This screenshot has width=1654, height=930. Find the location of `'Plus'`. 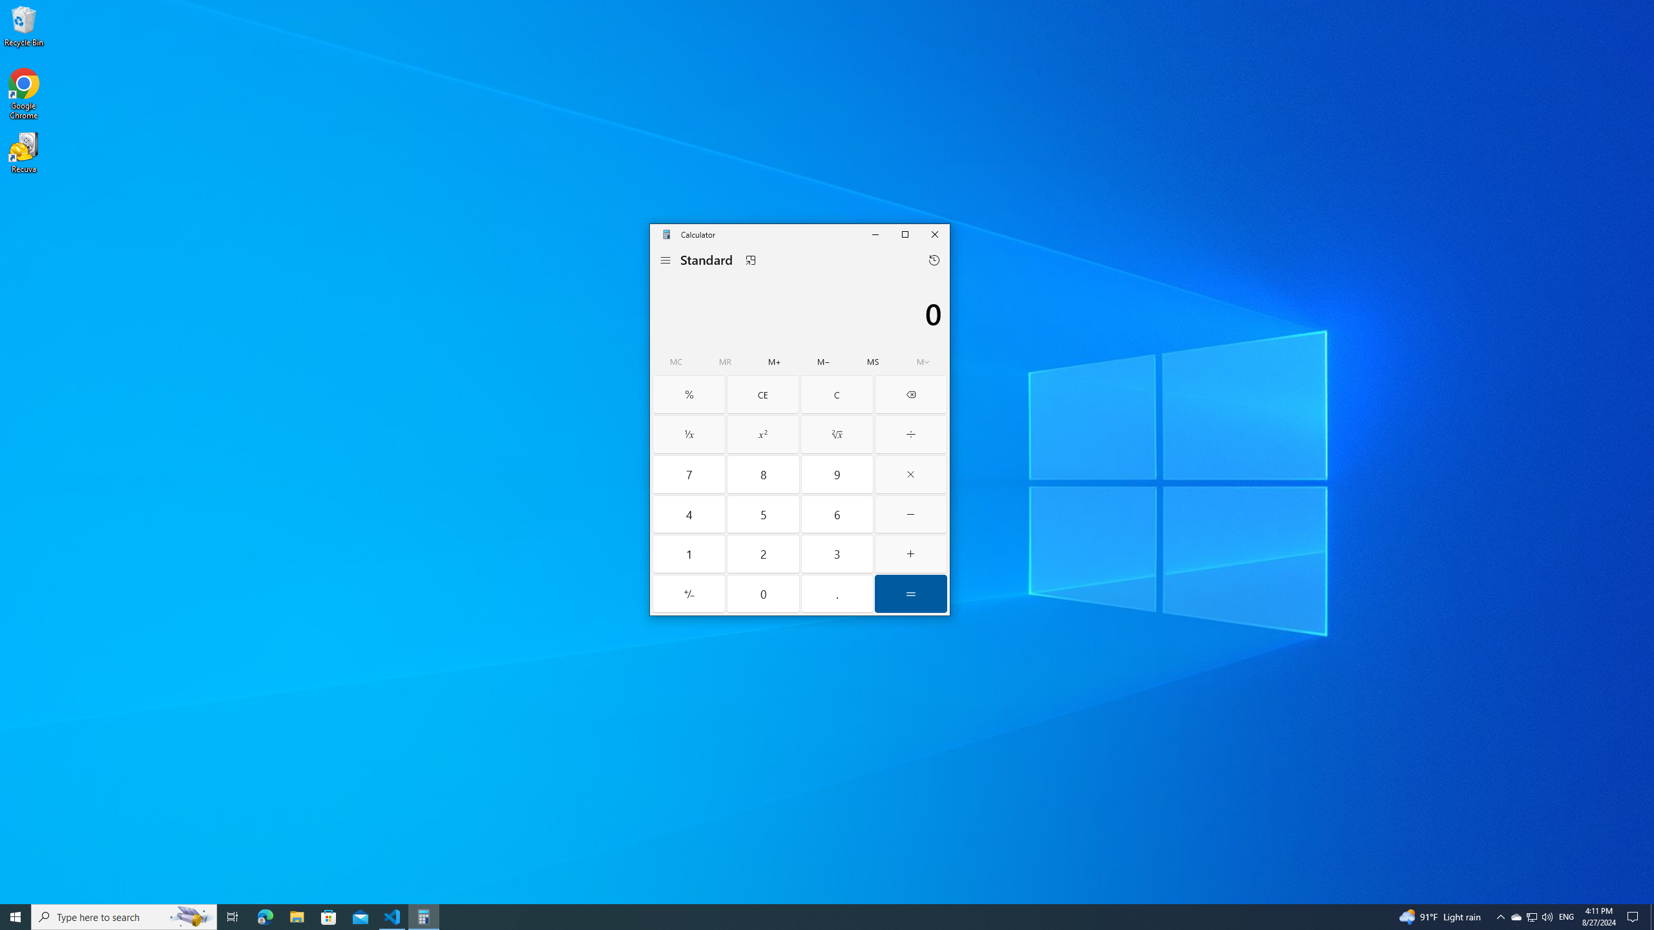

'Plus' is located at coordinates (911, 553).